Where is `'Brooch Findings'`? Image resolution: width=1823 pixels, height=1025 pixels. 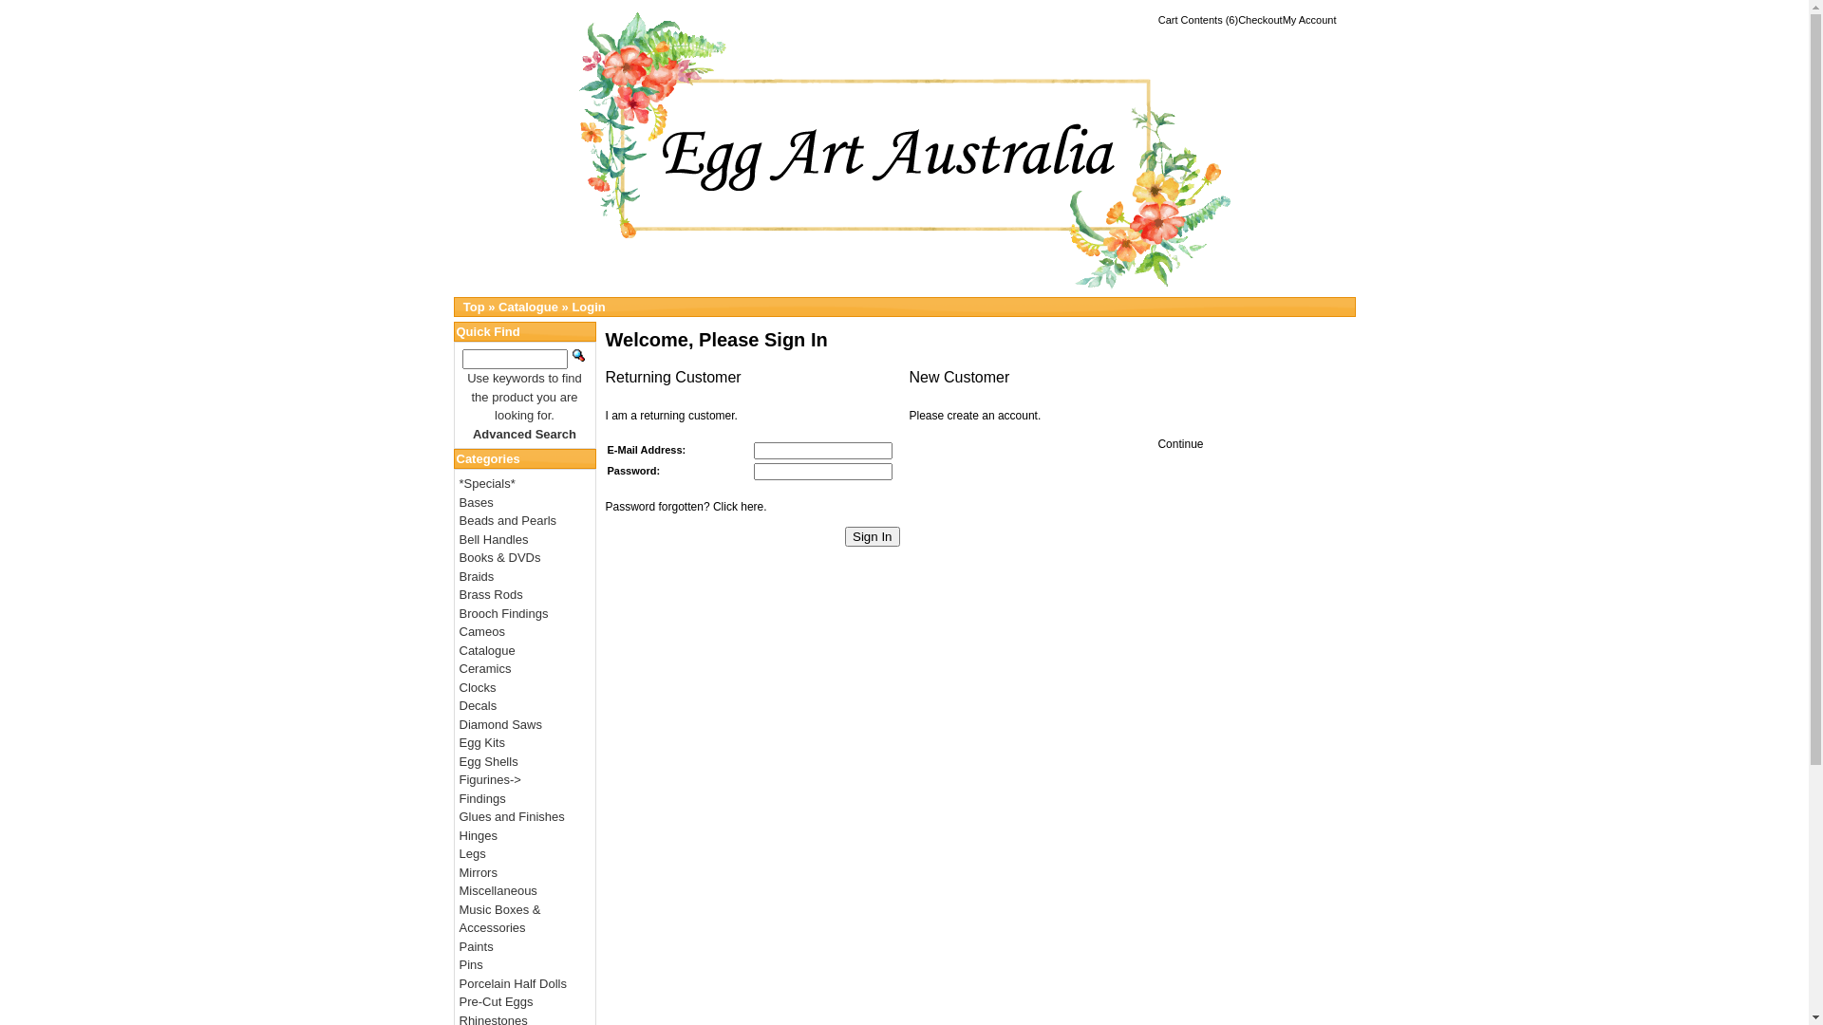
'Brooch Findings' is located at coordinates (504, 612).